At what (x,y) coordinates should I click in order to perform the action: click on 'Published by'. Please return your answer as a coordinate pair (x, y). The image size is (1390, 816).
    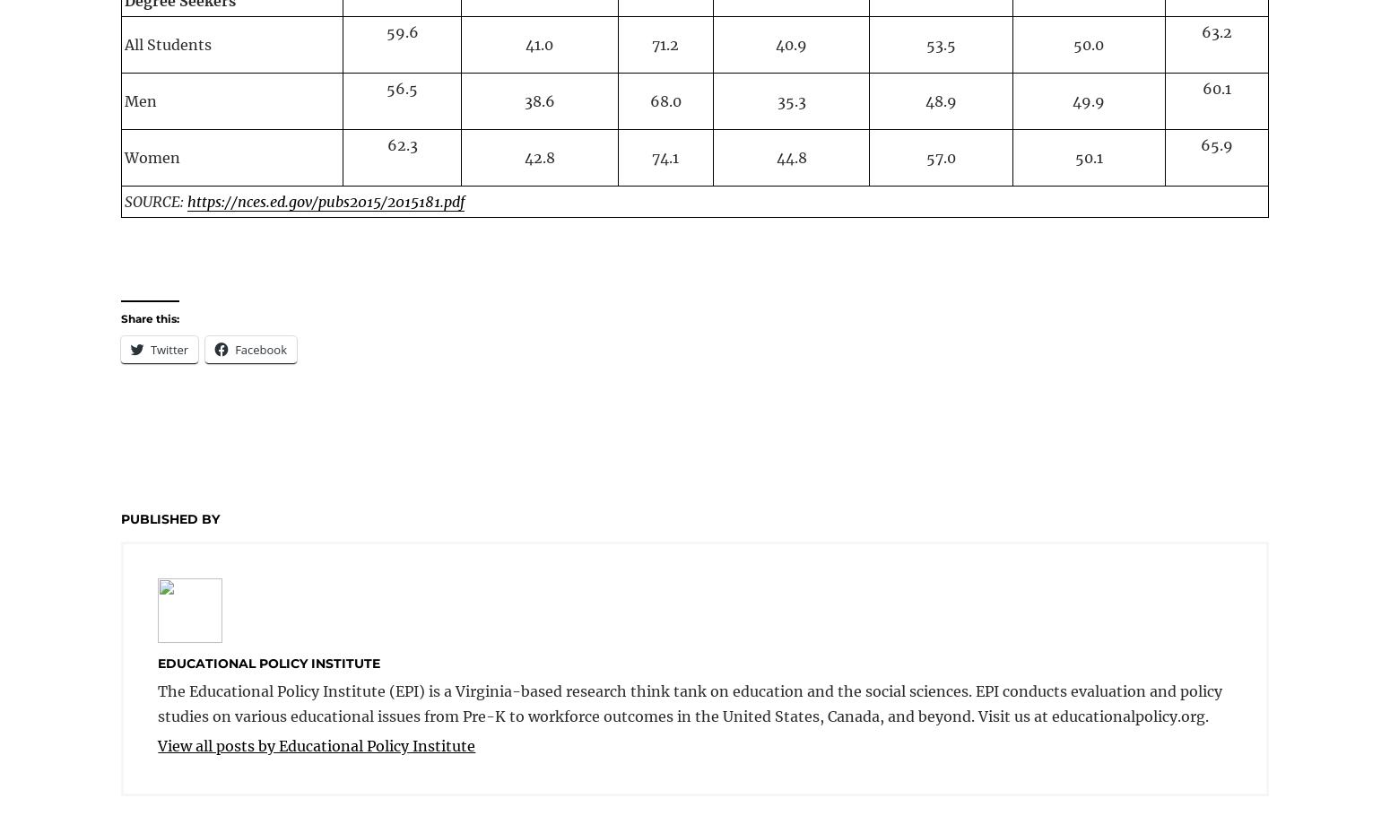
    Looking at the image, I should click on (169, 519).